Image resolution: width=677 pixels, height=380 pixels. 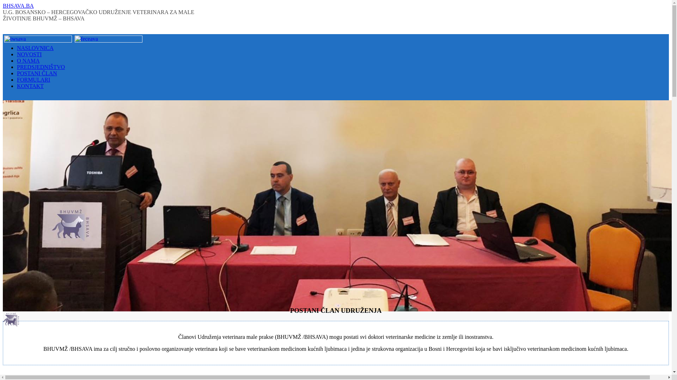 What do you see at coordinates (35, 47) in the screenshot?
I see `'NASLOVNICA'` at bounding box center [35, 47].